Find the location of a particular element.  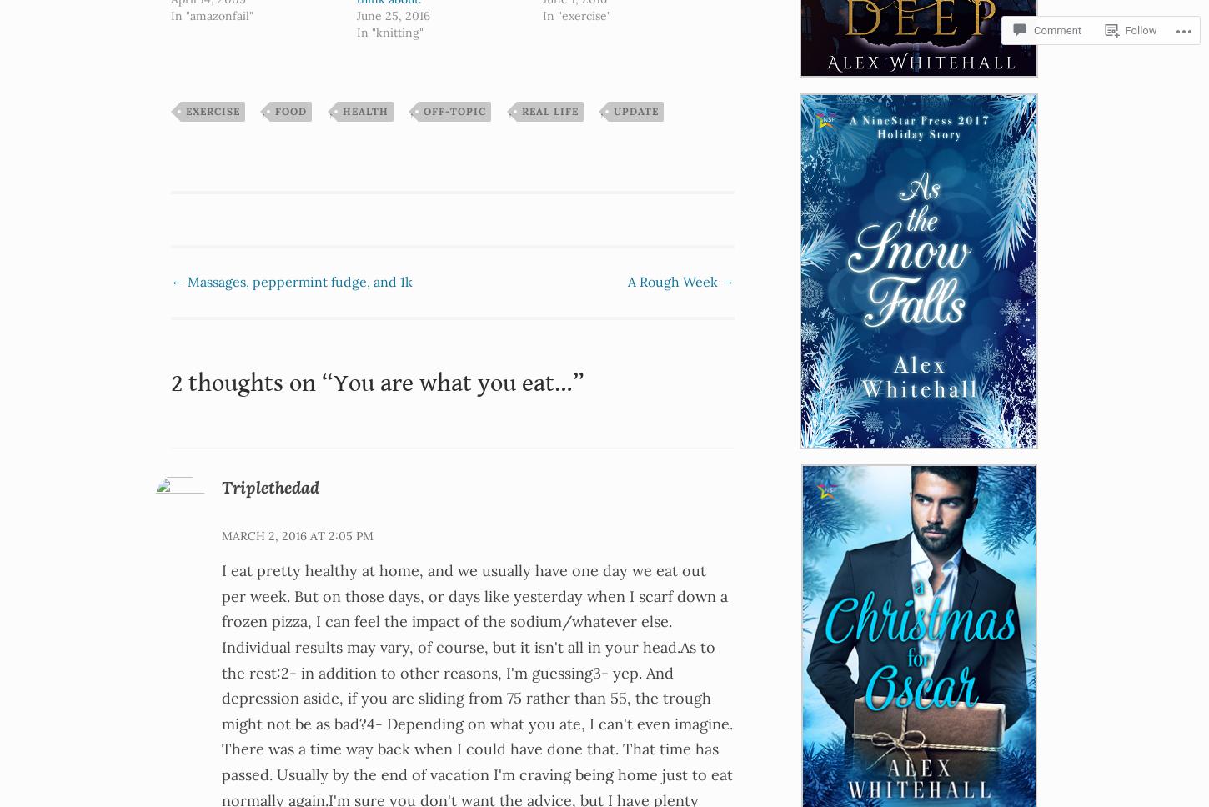

'health' is located at coordinates (364, 109).